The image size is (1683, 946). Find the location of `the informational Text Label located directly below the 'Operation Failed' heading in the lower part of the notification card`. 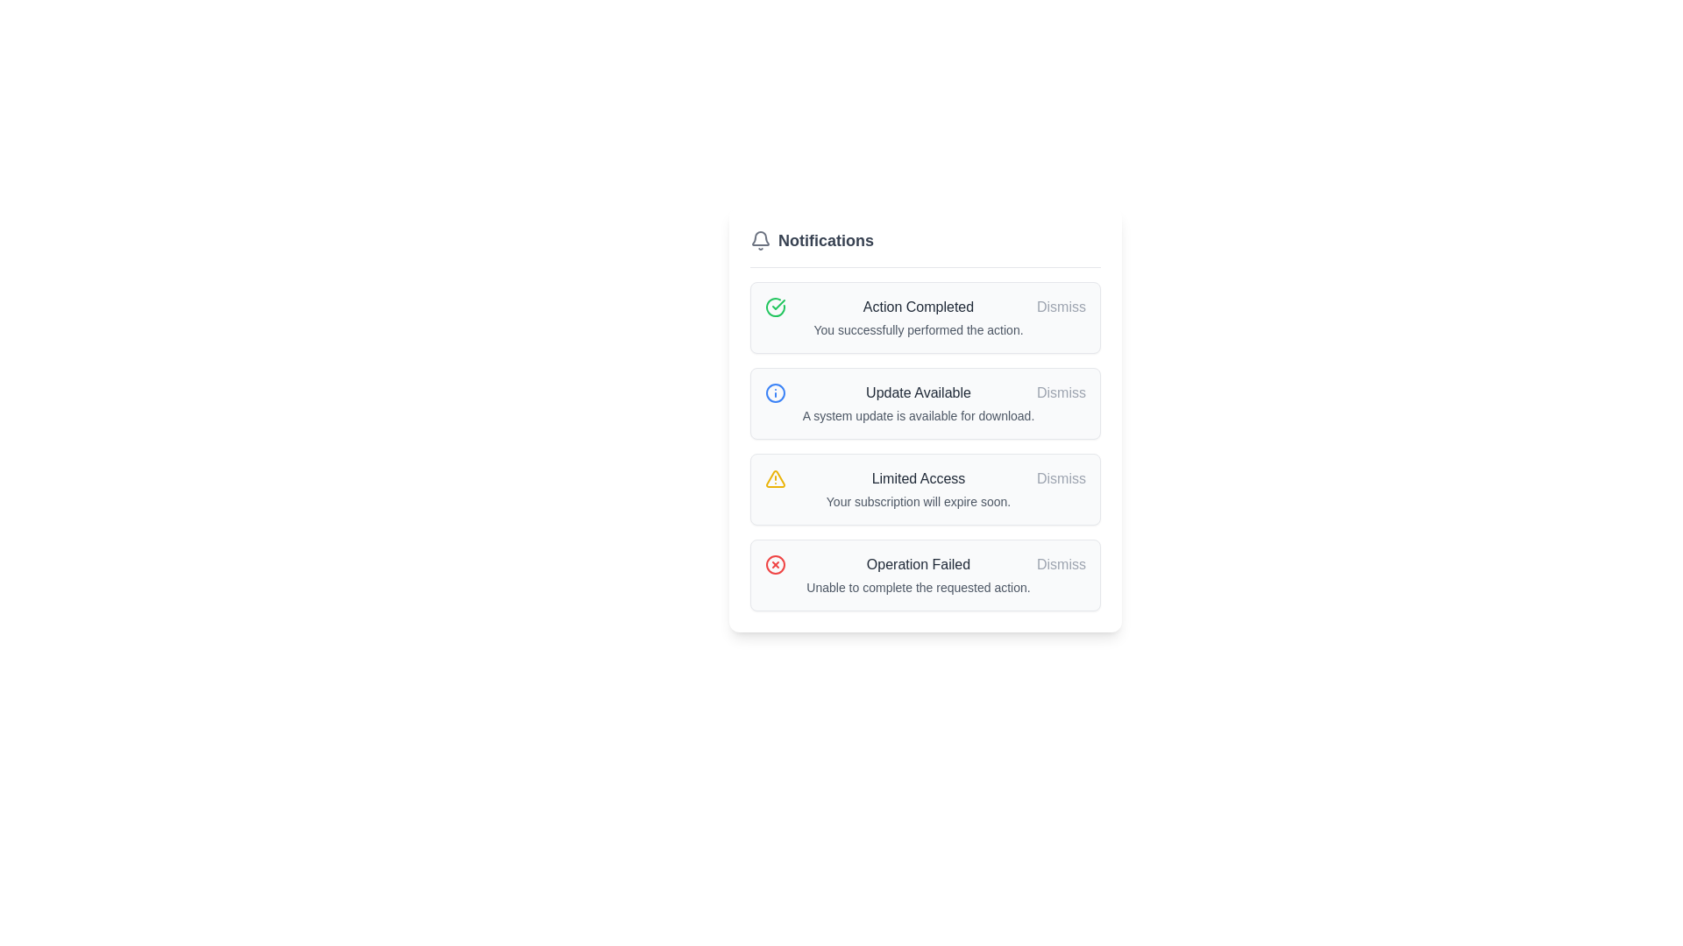

the informational Text Label located directly below the 'Operation Failed' heading in the lower part of the notification card is located at coordinates (917, 588).